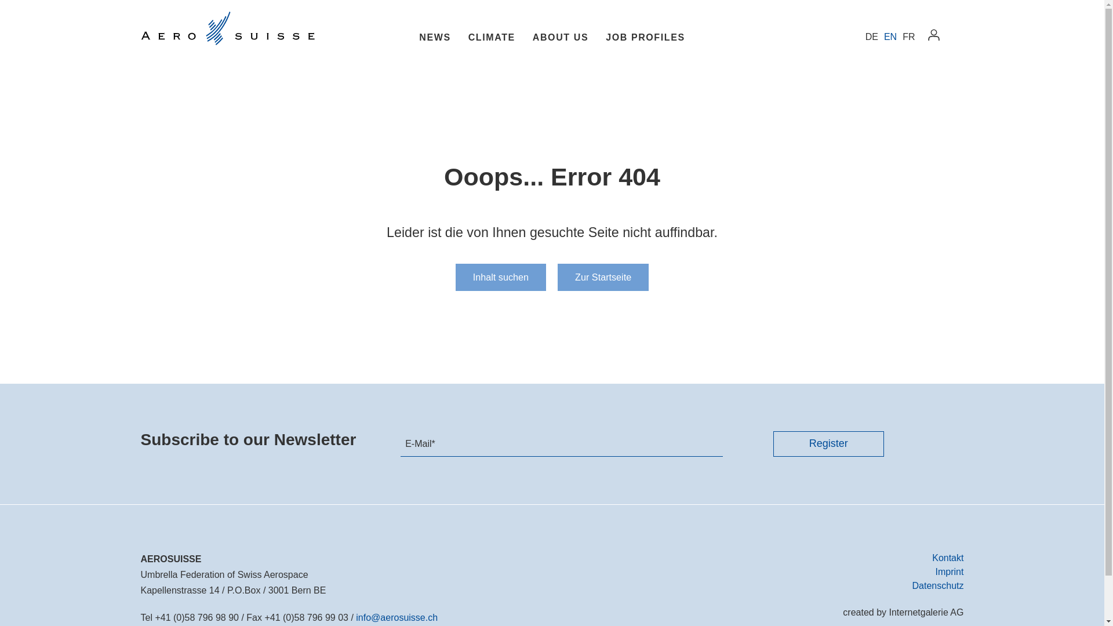  I want to click on 'created by Internetgalerie AG', so click(843, 612).